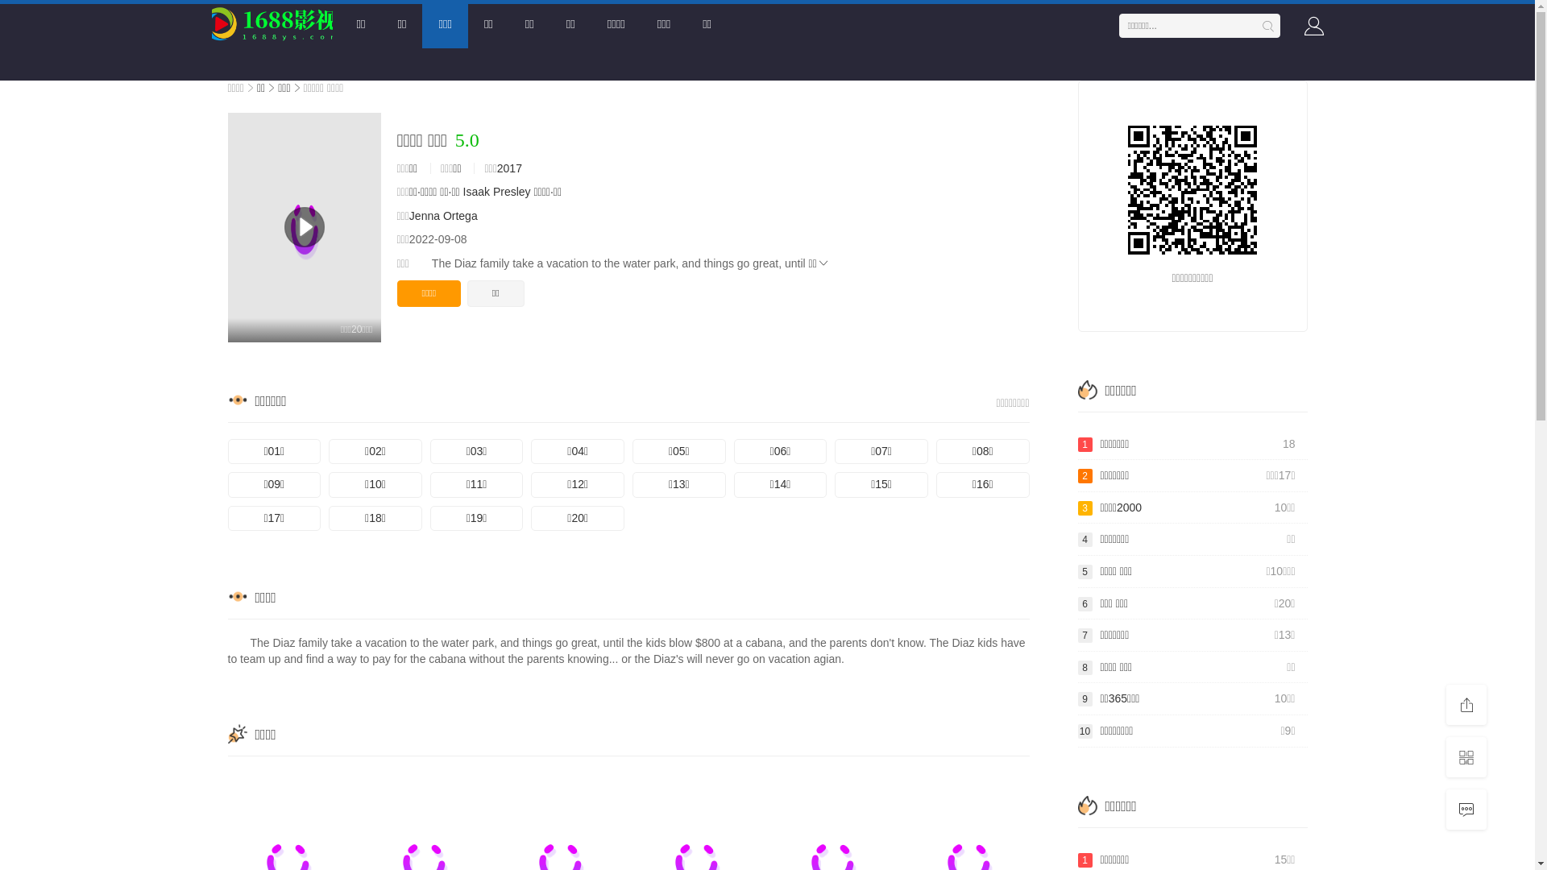 This screenshot has height=870, width=1547. I want to click on '2017', so click(508, 168).